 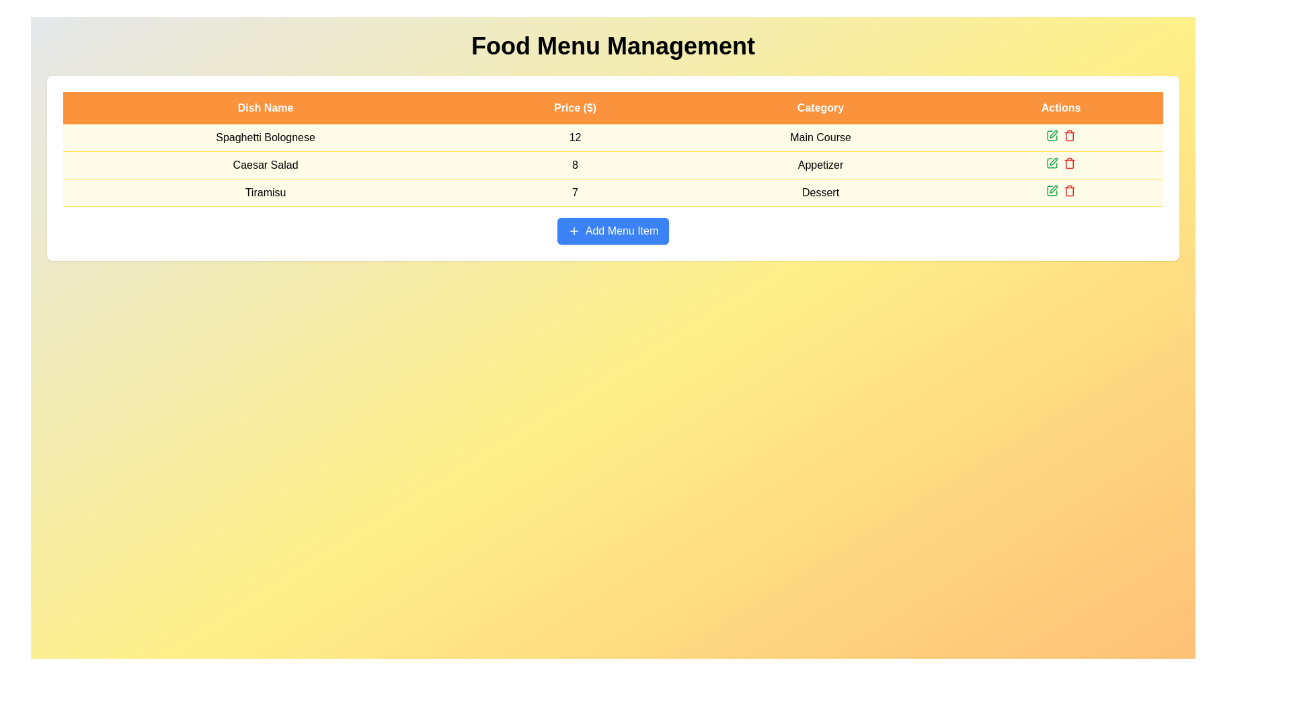 I want to click on the third row of the table displaying food menu items, which contains the dish name 'Tiramisu', price '7', and category 'Dessert', so click(x=613, y=192).